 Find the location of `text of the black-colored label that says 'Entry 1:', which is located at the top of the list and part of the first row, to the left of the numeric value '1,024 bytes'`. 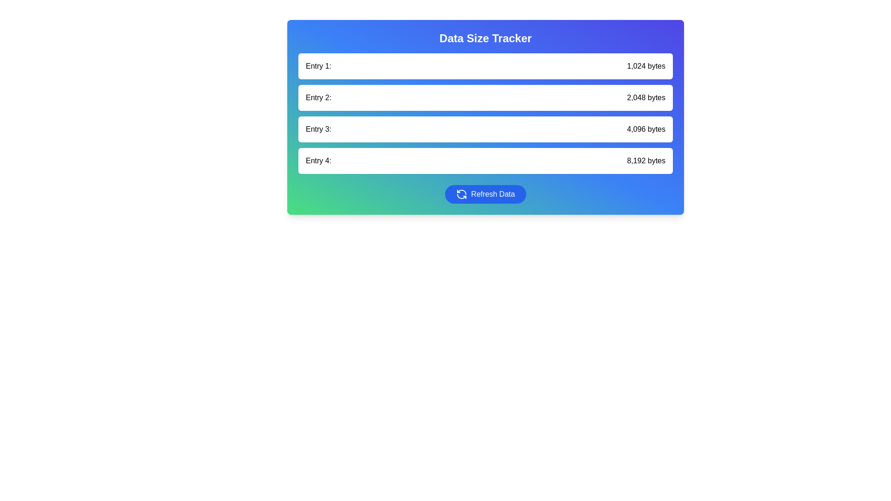

text of the black-colored label that says 'Entry 1:', which is located at the top of the list and part of the first row, to the left of the numeric value '1,024 bytes' is located at coordinates (318, 65).